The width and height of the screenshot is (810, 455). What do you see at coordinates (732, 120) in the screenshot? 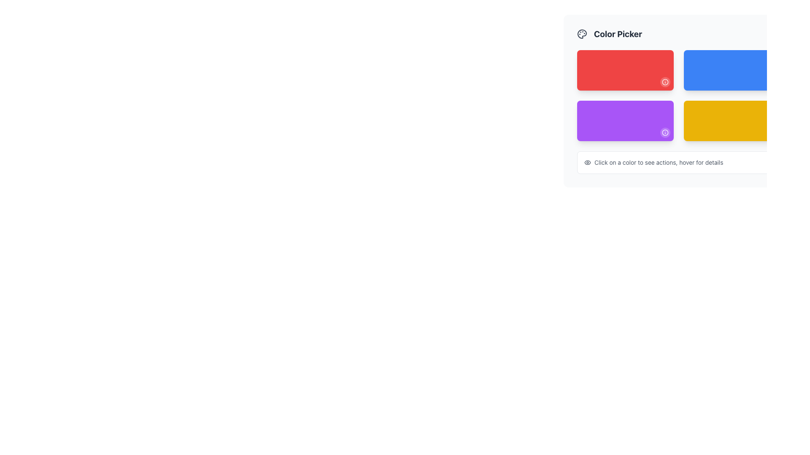
I see `the button-like rectangle for color selection representing yellow` at bounding box center [732, 120].